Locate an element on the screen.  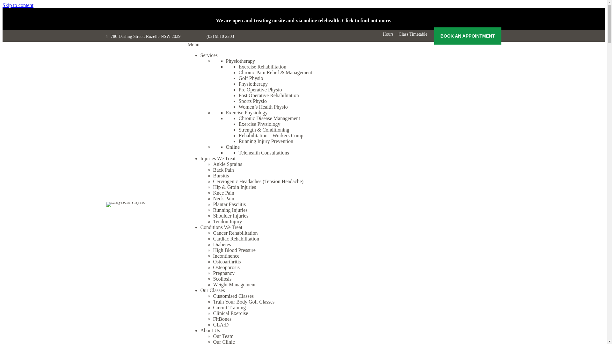
'Menu' is located at coordinates (193, 44).